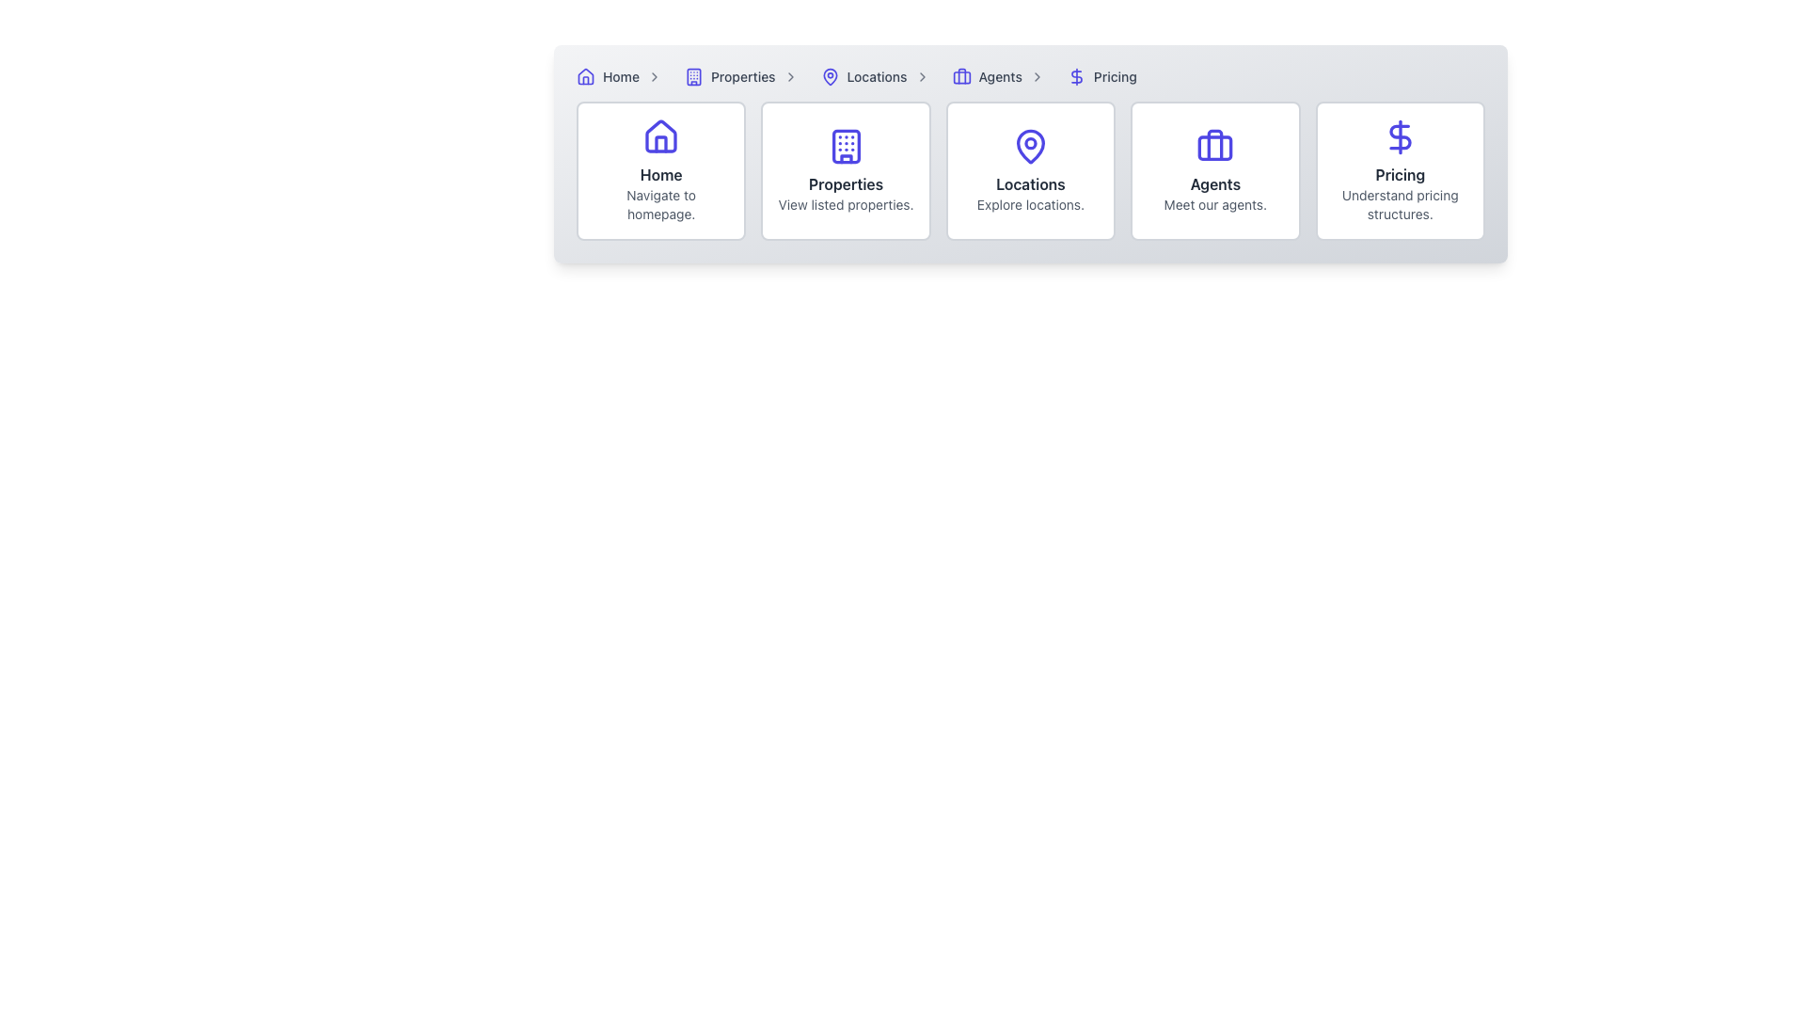 The image size is (1806, 1016). I want to click on the indigo-blue location pin SVG graphic located in the breadcrumb navigation bar, positioned to the left of the 'Locations' label, so click(829, 75).